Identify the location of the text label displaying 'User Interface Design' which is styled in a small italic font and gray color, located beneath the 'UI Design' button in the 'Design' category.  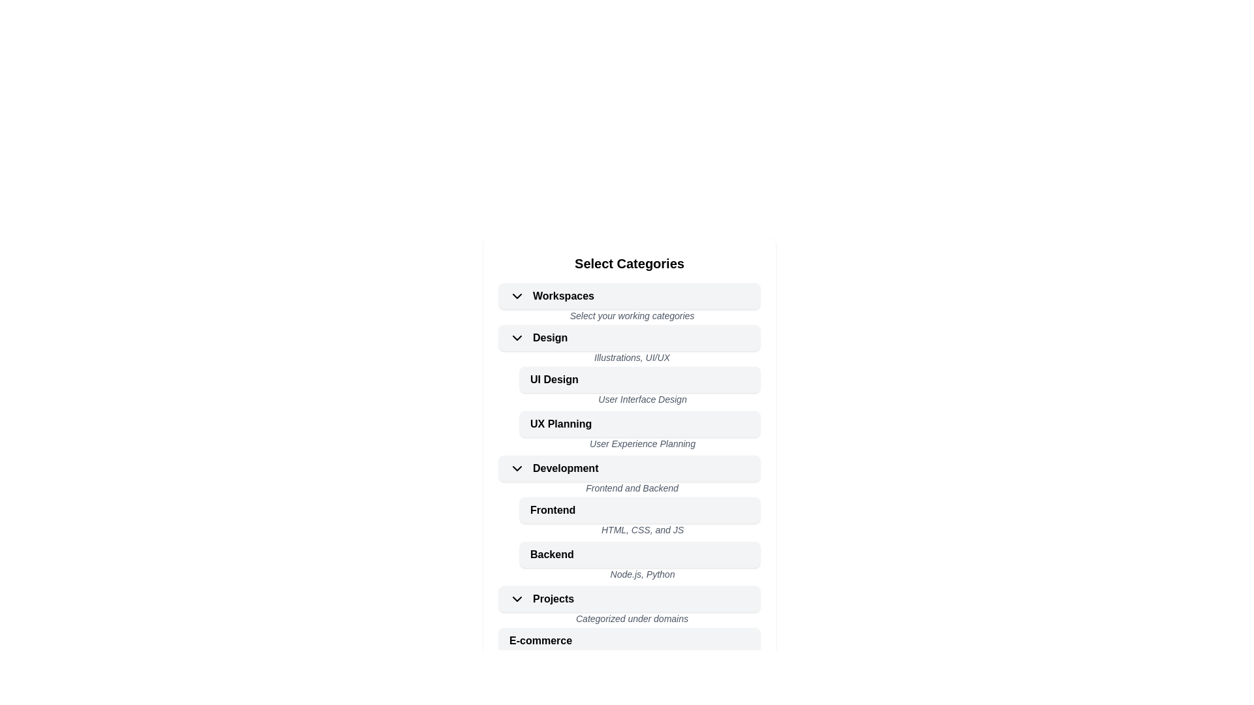
(639, 399).